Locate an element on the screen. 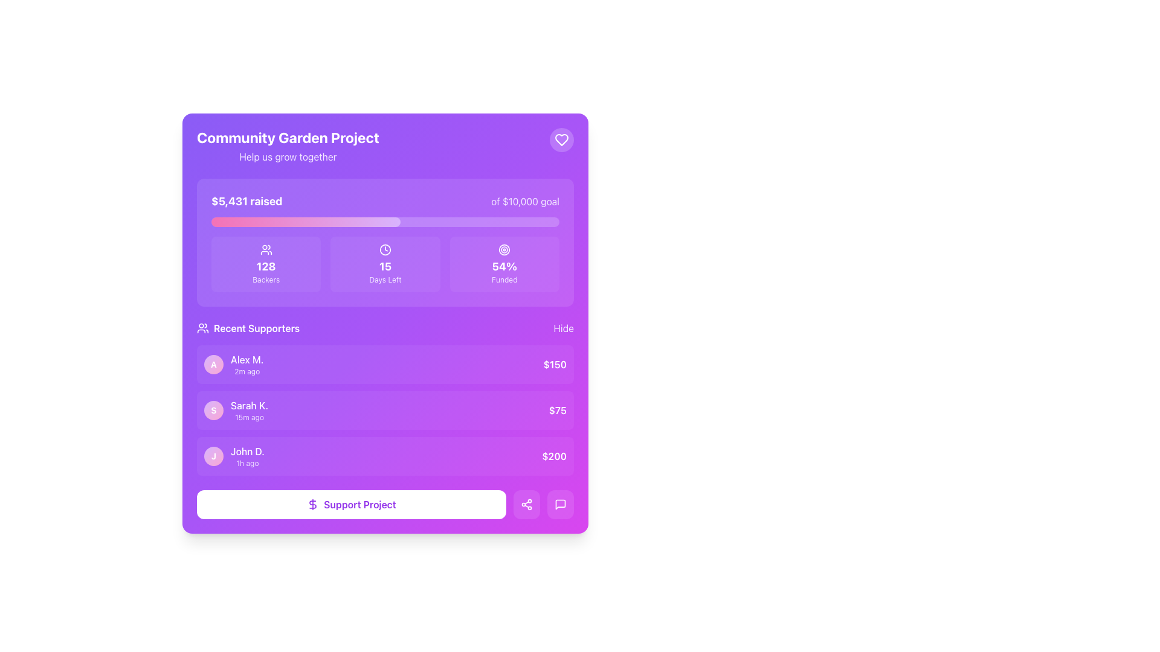 Image resolution: width=1160 pixels, height=652 pixels. the Decorative icon that visually complements the '54% Funded' text displayed below it is located at coordinates (504, 249).